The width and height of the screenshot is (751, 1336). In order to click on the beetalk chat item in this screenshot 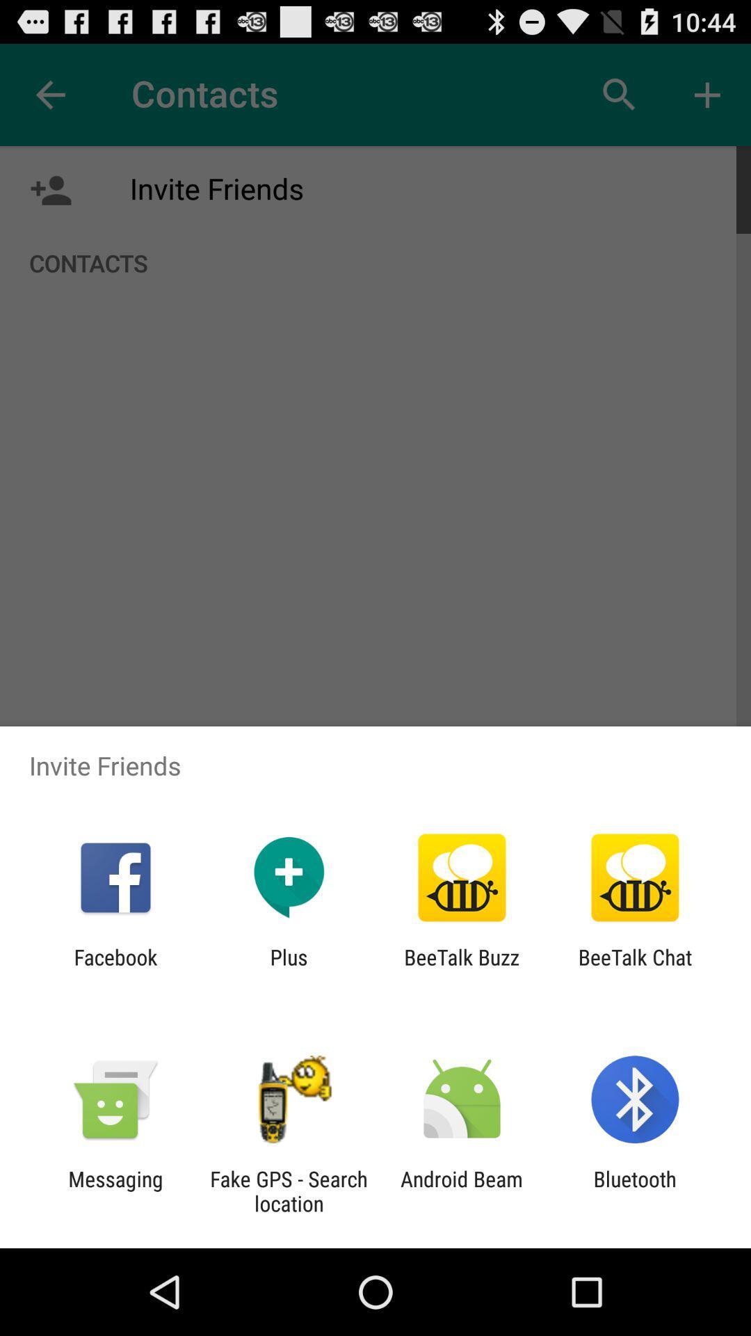, I will do `click(635, 969)`.